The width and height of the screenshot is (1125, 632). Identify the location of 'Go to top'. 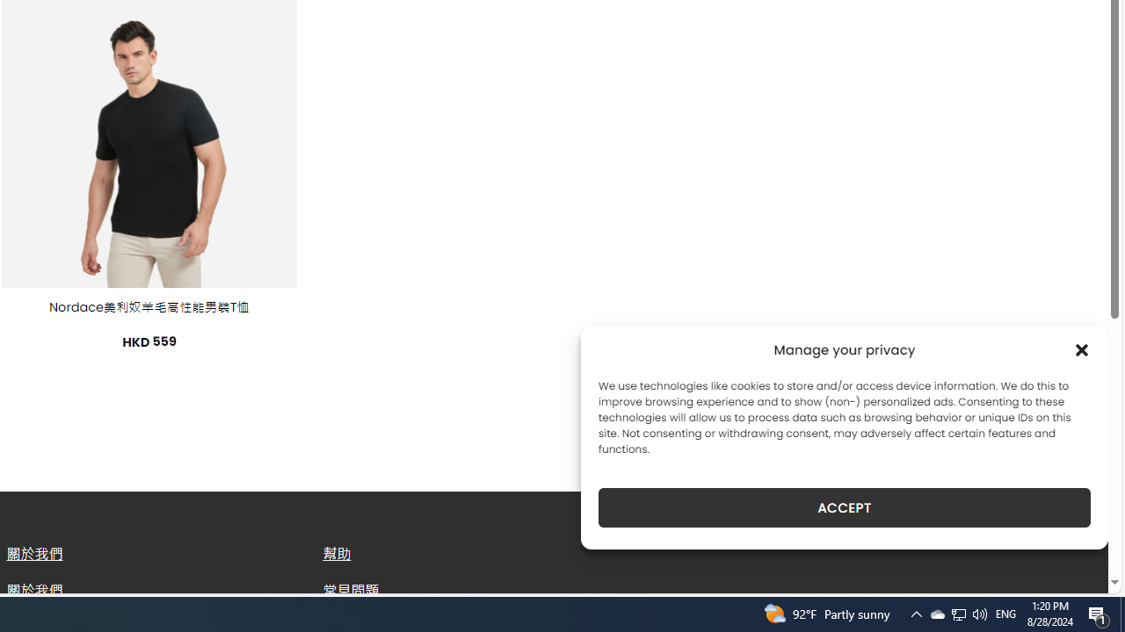
(1071, 569).